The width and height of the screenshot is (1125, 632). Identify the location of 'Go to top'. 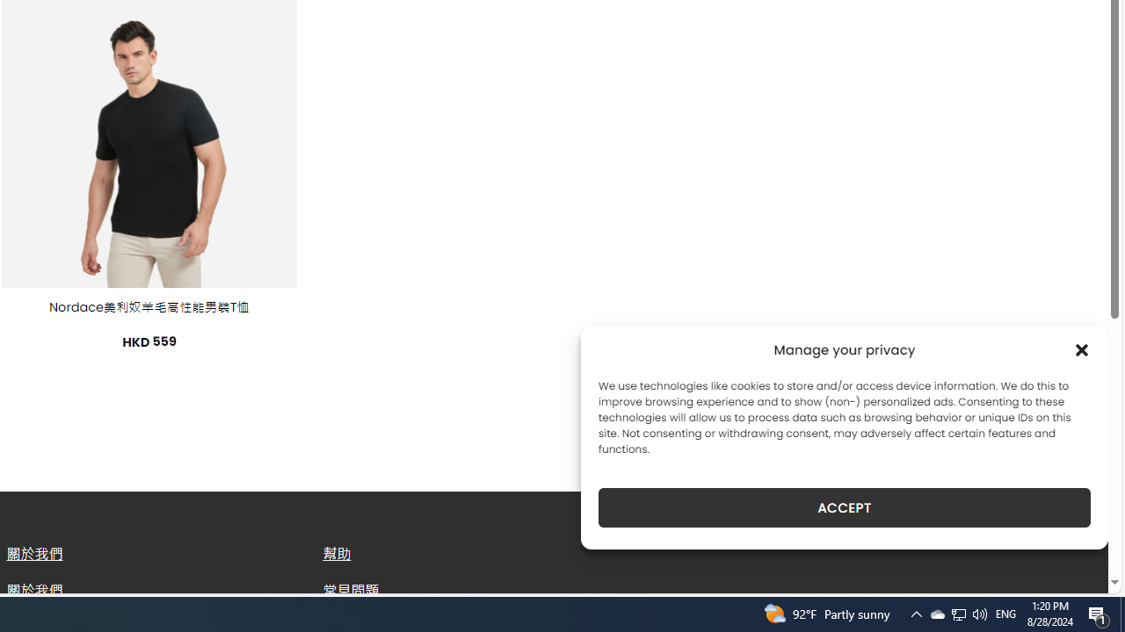
(1071, 569).